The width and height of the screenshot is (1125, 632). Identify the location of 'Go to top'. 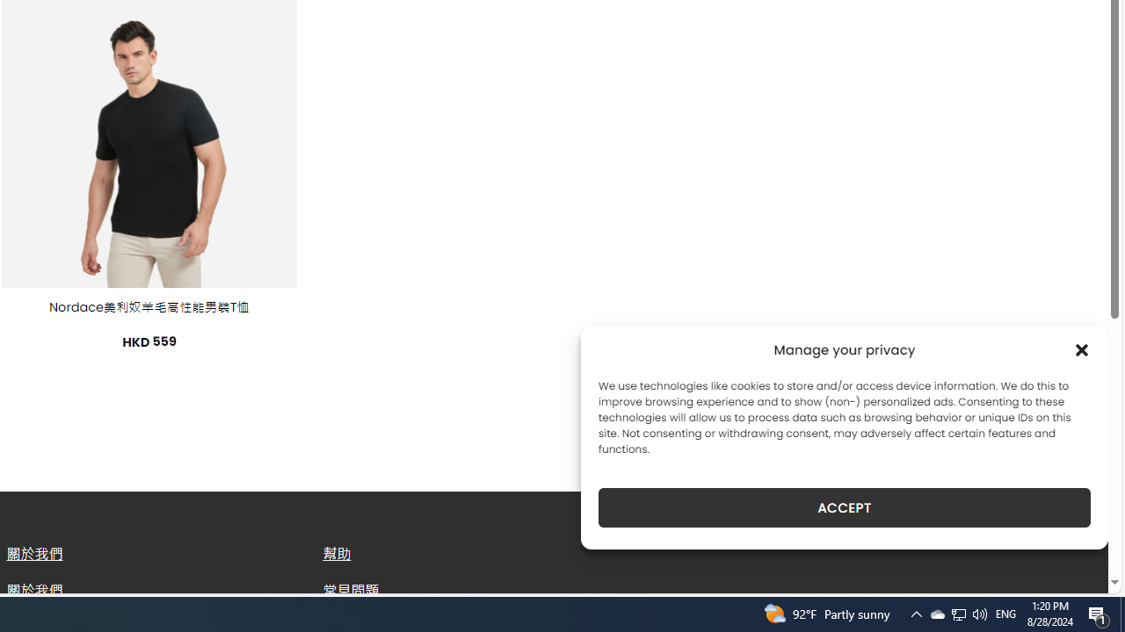
(1071, 569).